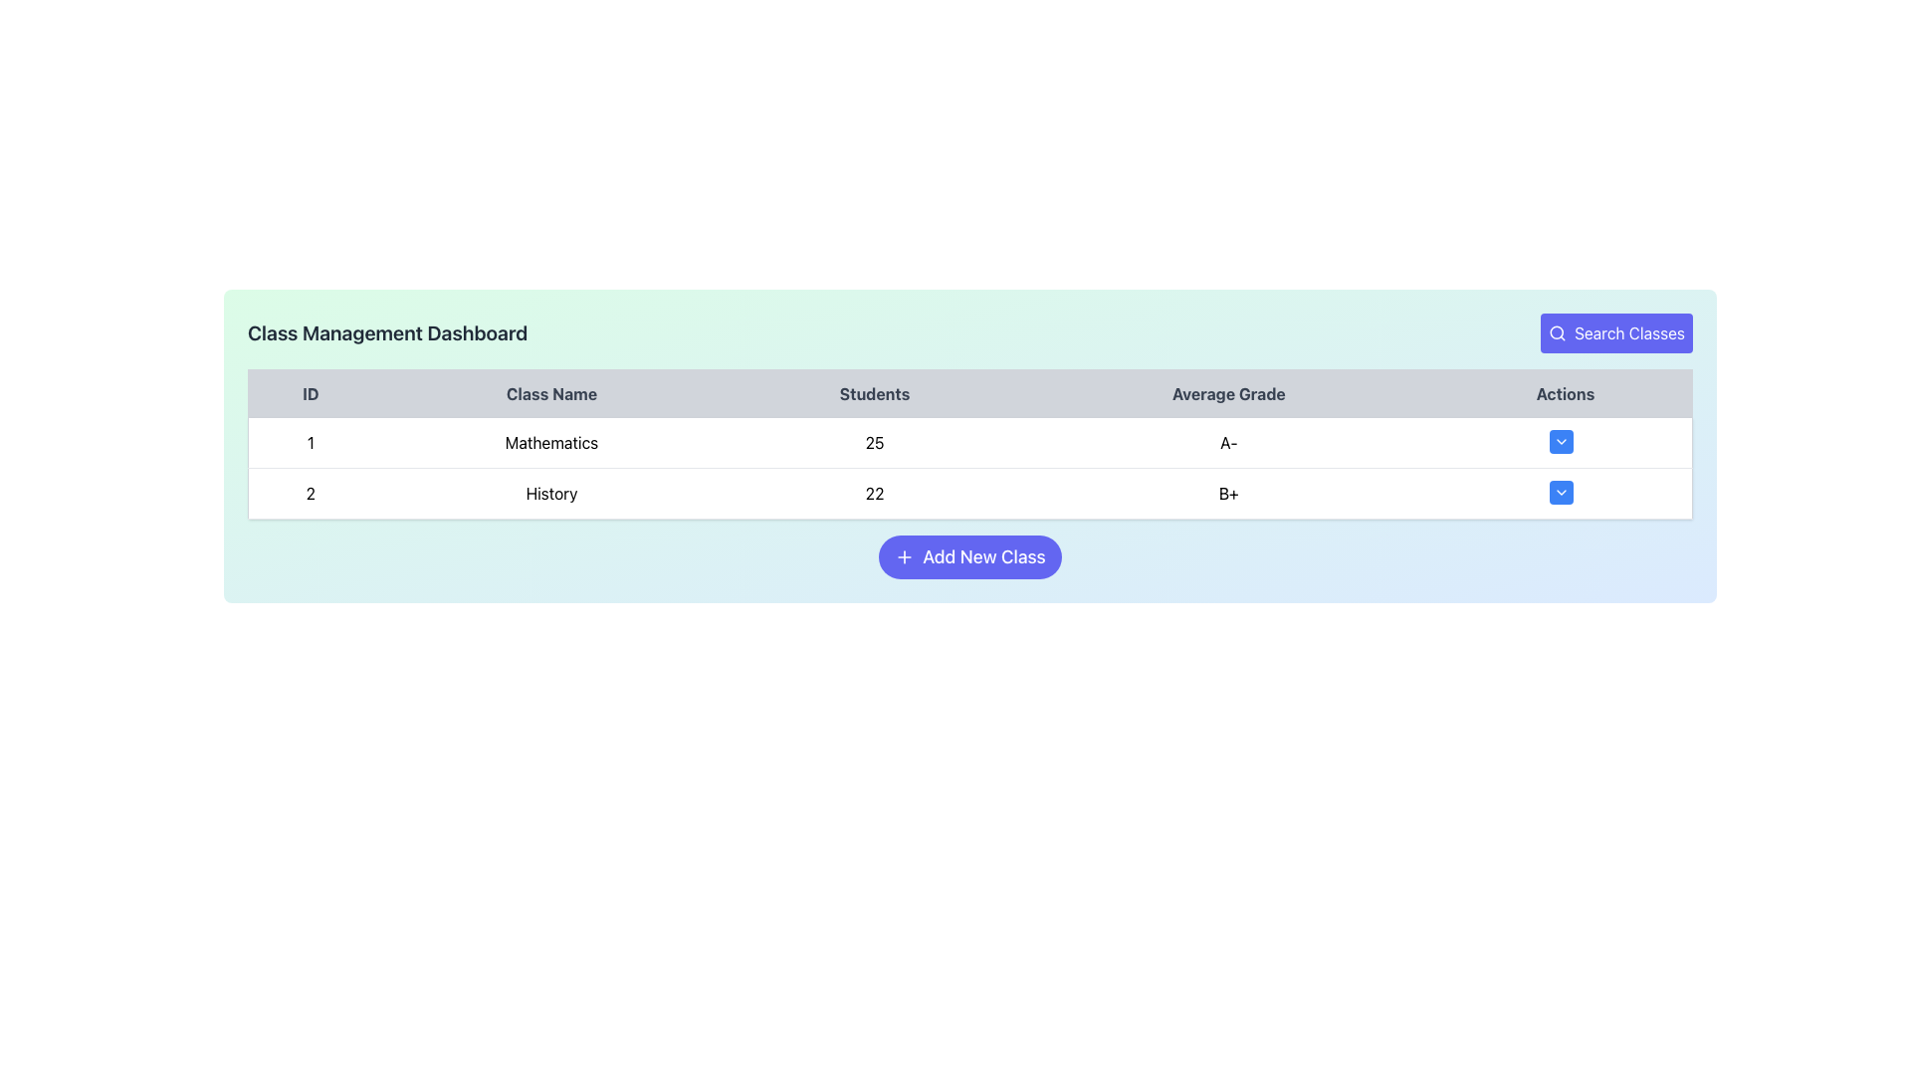 The height and width of the screenshot is (1075, 1911). What do you see at coordinates (1556, 331) in the screenshot?
I see `the SVG Circle element that is part of the magnifying glass icon, located at the left end of the 'Search Classes' blue button` at bounding box center [1556, 331].